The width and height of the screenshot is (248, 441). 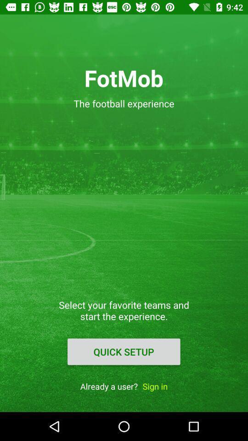 What do you see at coordinates (155, 386) in the screenshot?
I see `sign in icon` at bounding box center [155, 386].